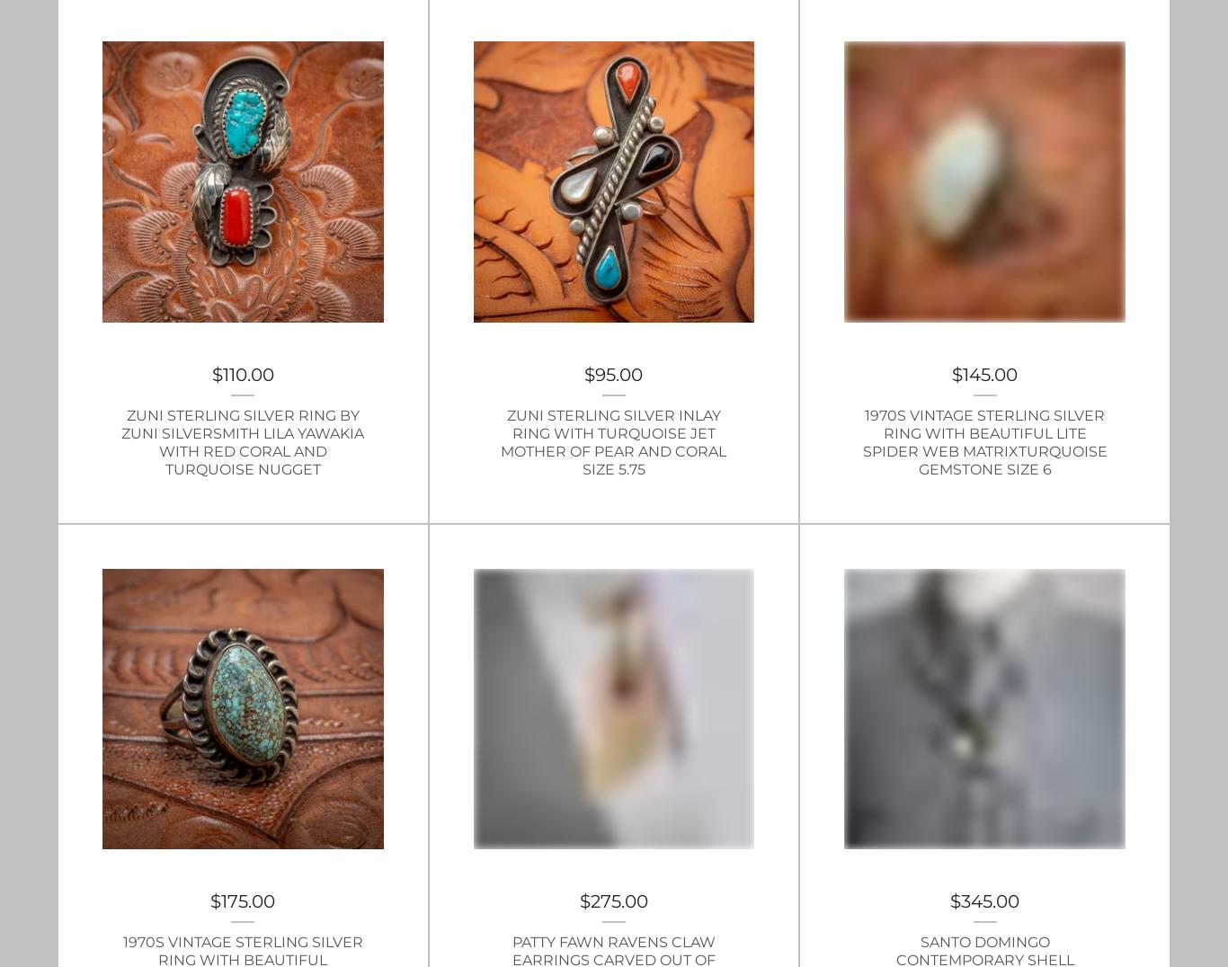 This screenshot has width=1228, height=967. I want to click on 'Zuni Sterling Silver Ring by Zuni Silversmith Lila Yawakia with Red Coral and turquoise Nugget', so click(243, 440).